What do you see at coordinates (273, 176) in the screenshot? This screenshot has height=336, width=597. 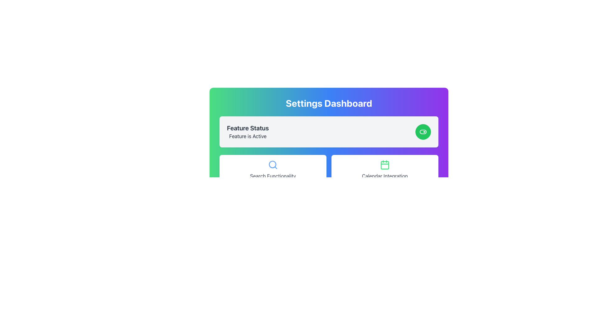 I see `text label 'Search Functionality' that is styled with a centered alignment and located below a magnifying glass icon` at bounding box center [273, 176].